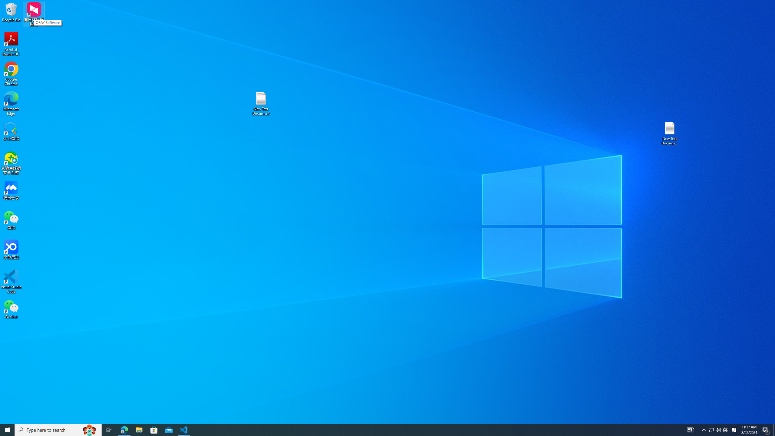 The image size is (775, 436). I want to click on 'Search highlights icon opens search home window', so click(89, 429).